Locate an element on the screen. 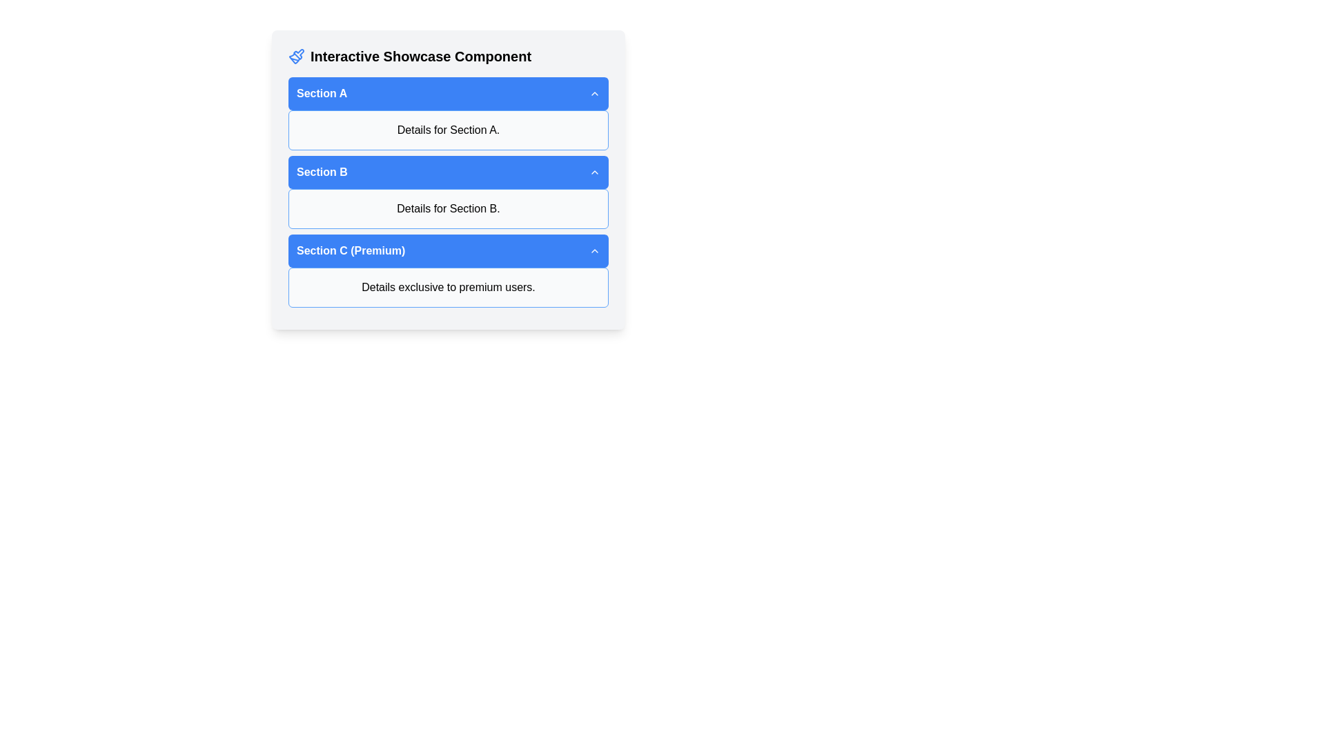 The image size is (1325, 745). the collapsible panel labeled 'Section B' which is highlighted in bold text against a blue background is located at coordinates (448, 192).